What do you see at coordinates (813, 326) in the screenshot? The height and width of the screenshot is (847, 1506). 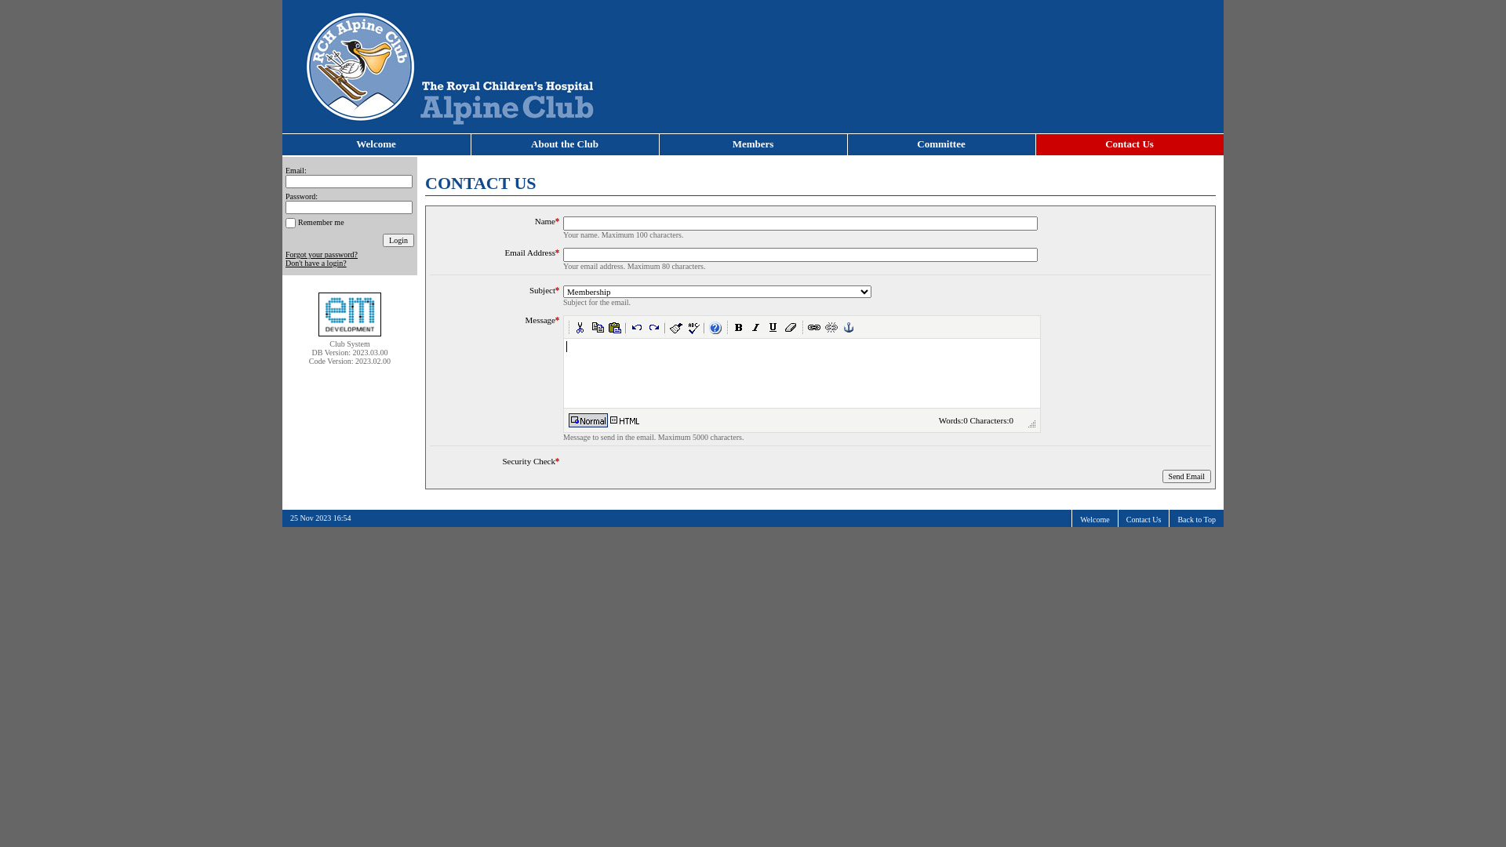 I see `'Insert Hyperlink'` at bounding box center [813, 326].